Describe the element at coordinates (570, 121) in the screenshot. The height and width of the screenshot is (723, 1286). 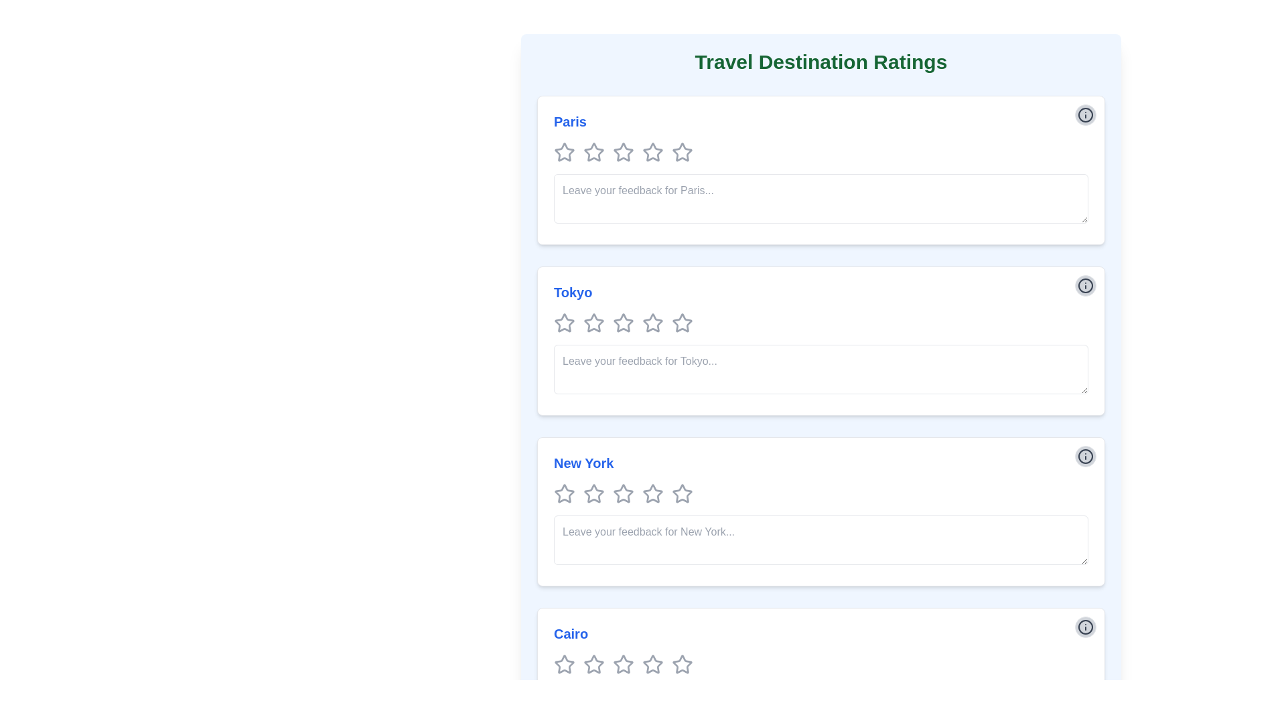
I see `the text label displaying the destination name 'Paris', which serves as the title for the rating and feedback section` at that location.